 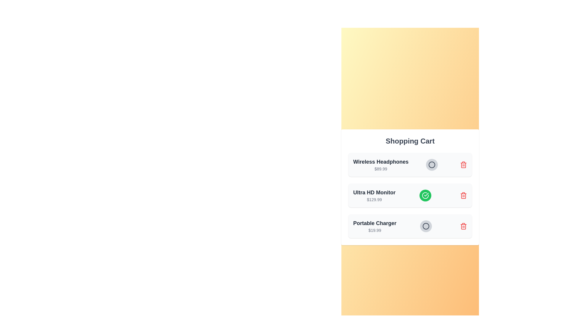 What do you see at coordinates (425, 226) in the screenshot?
I see `the item Portable Charger in the shopping cart` at bounding box center [425, 226].